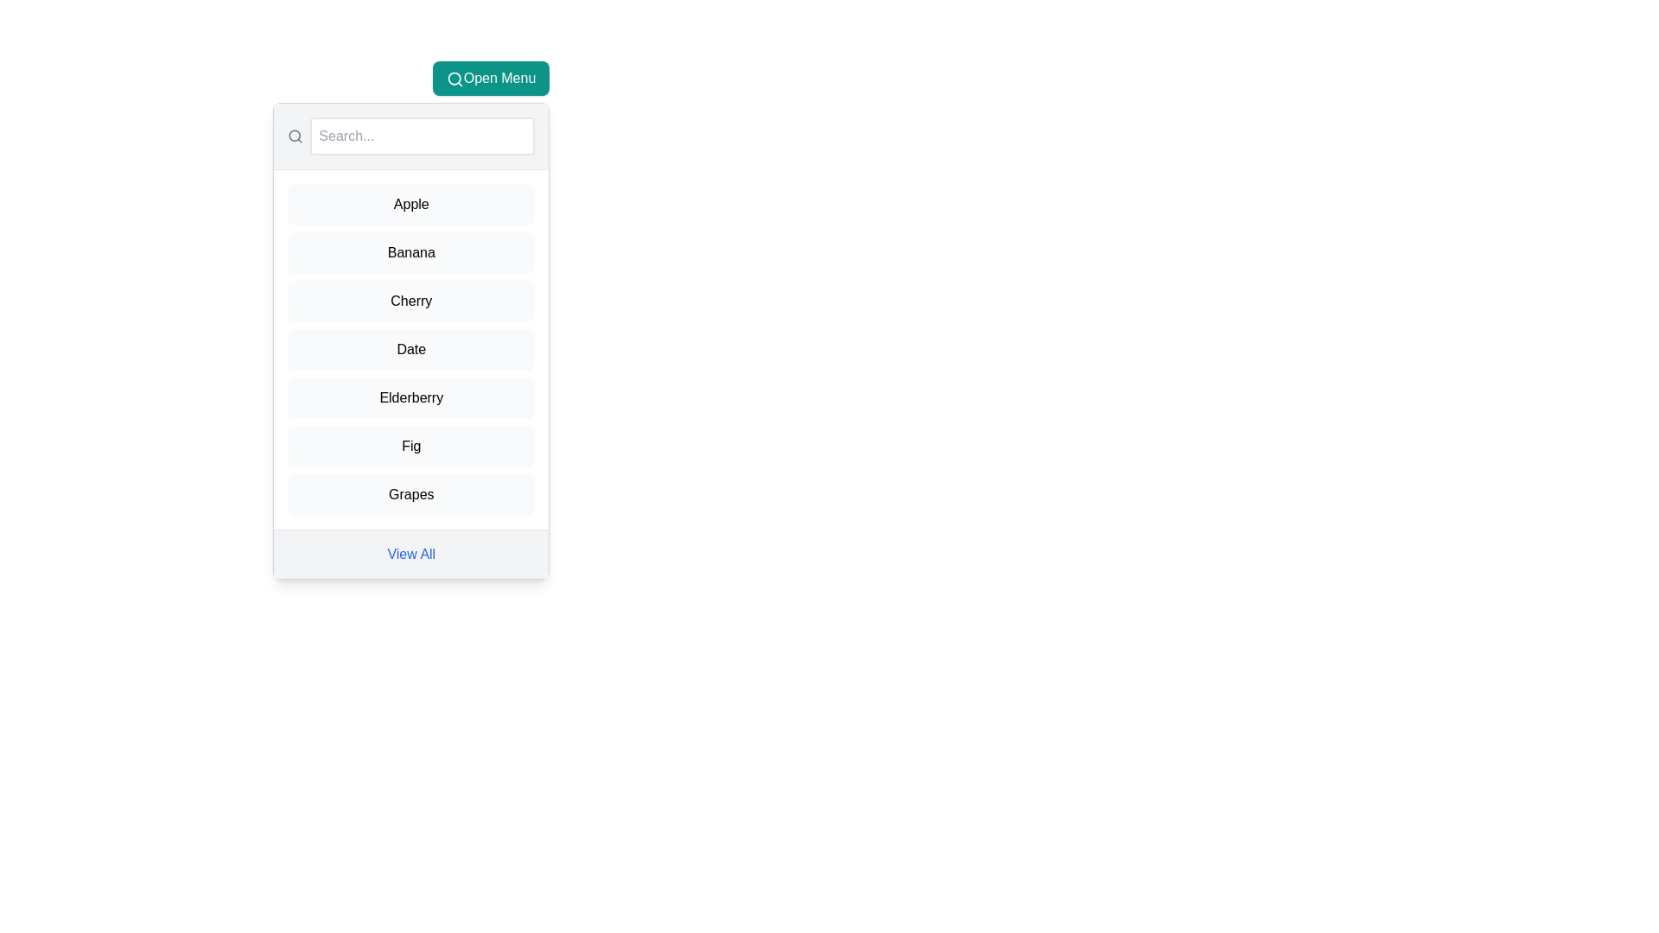  What do you see at coordinates (490, 79) in the screenshot?
I see `the toggle button at the top-right of the menu interface` at bounding box center [490, 79].